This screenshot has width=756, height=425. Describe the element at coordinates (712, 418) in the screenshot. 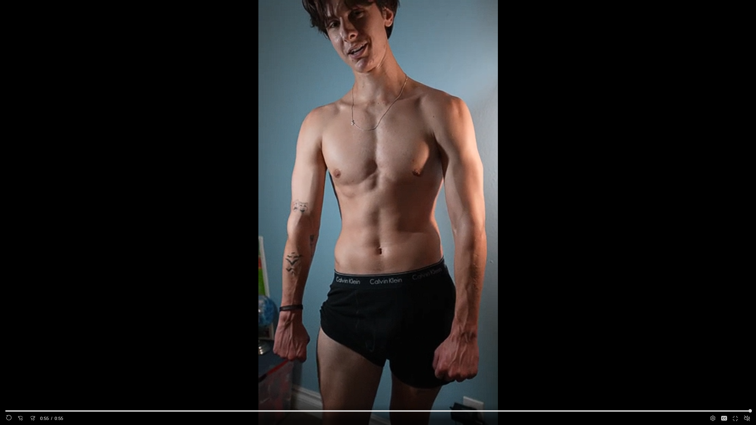

I see `'Quality Settings'` at that location.